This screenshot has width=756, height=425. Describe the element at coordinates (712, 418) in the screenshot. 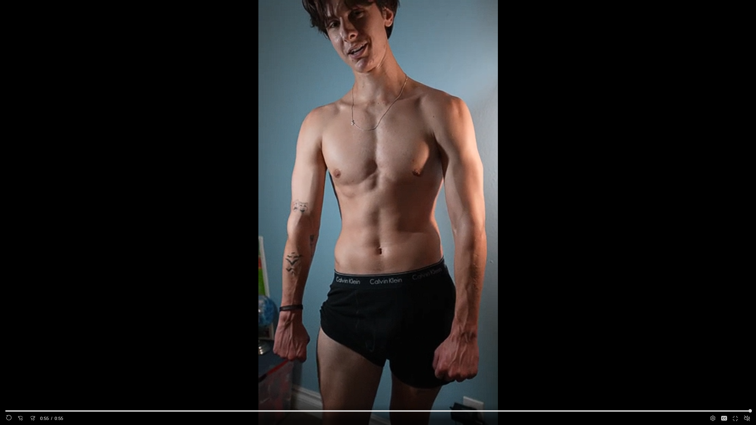

I see `'Quality Settings'` at that location.